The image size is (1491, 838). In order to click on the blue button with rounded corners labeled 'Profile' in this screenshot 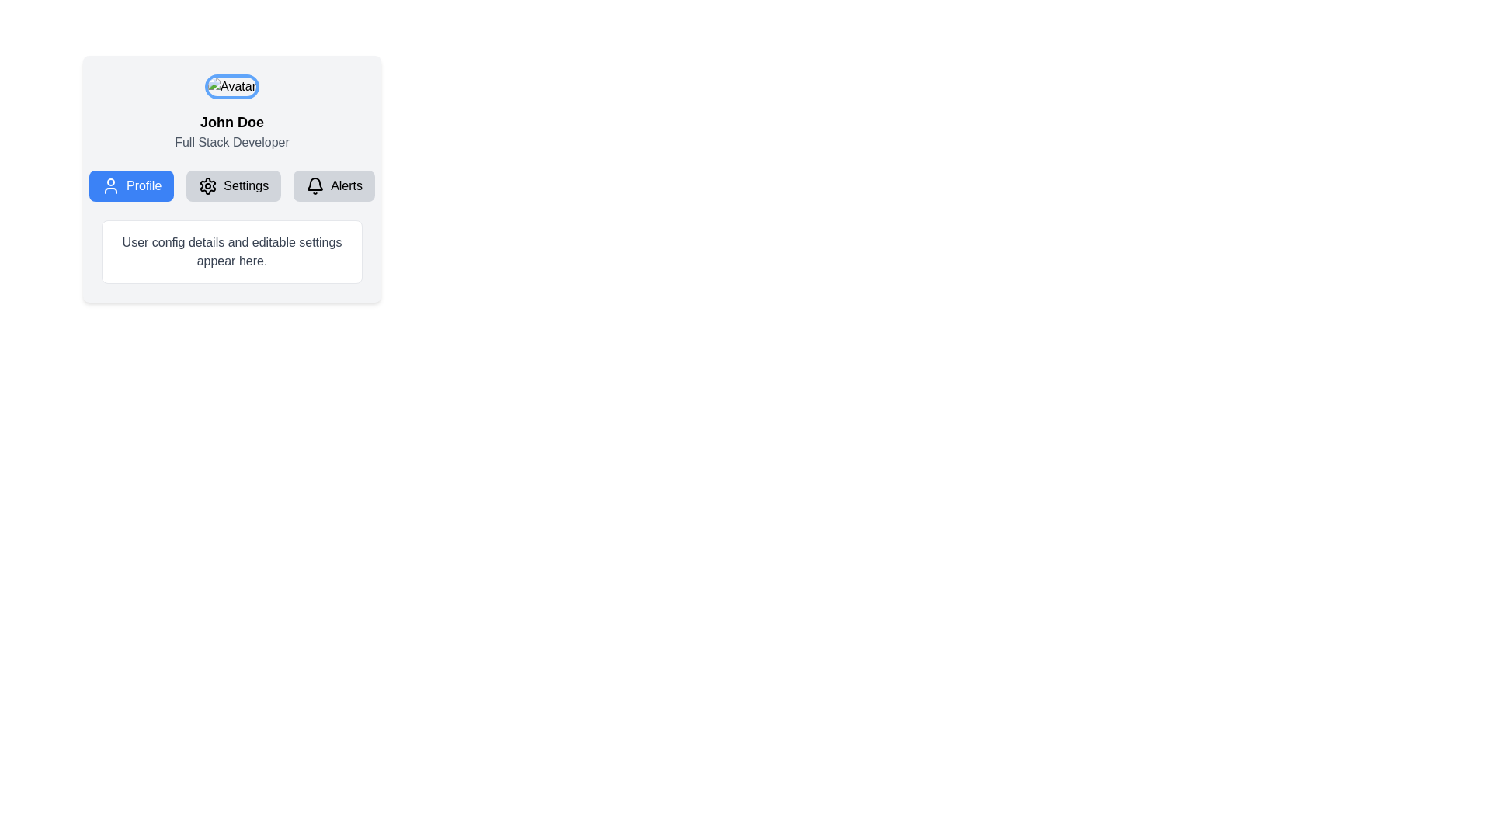, I will do `click(131, 185)`.